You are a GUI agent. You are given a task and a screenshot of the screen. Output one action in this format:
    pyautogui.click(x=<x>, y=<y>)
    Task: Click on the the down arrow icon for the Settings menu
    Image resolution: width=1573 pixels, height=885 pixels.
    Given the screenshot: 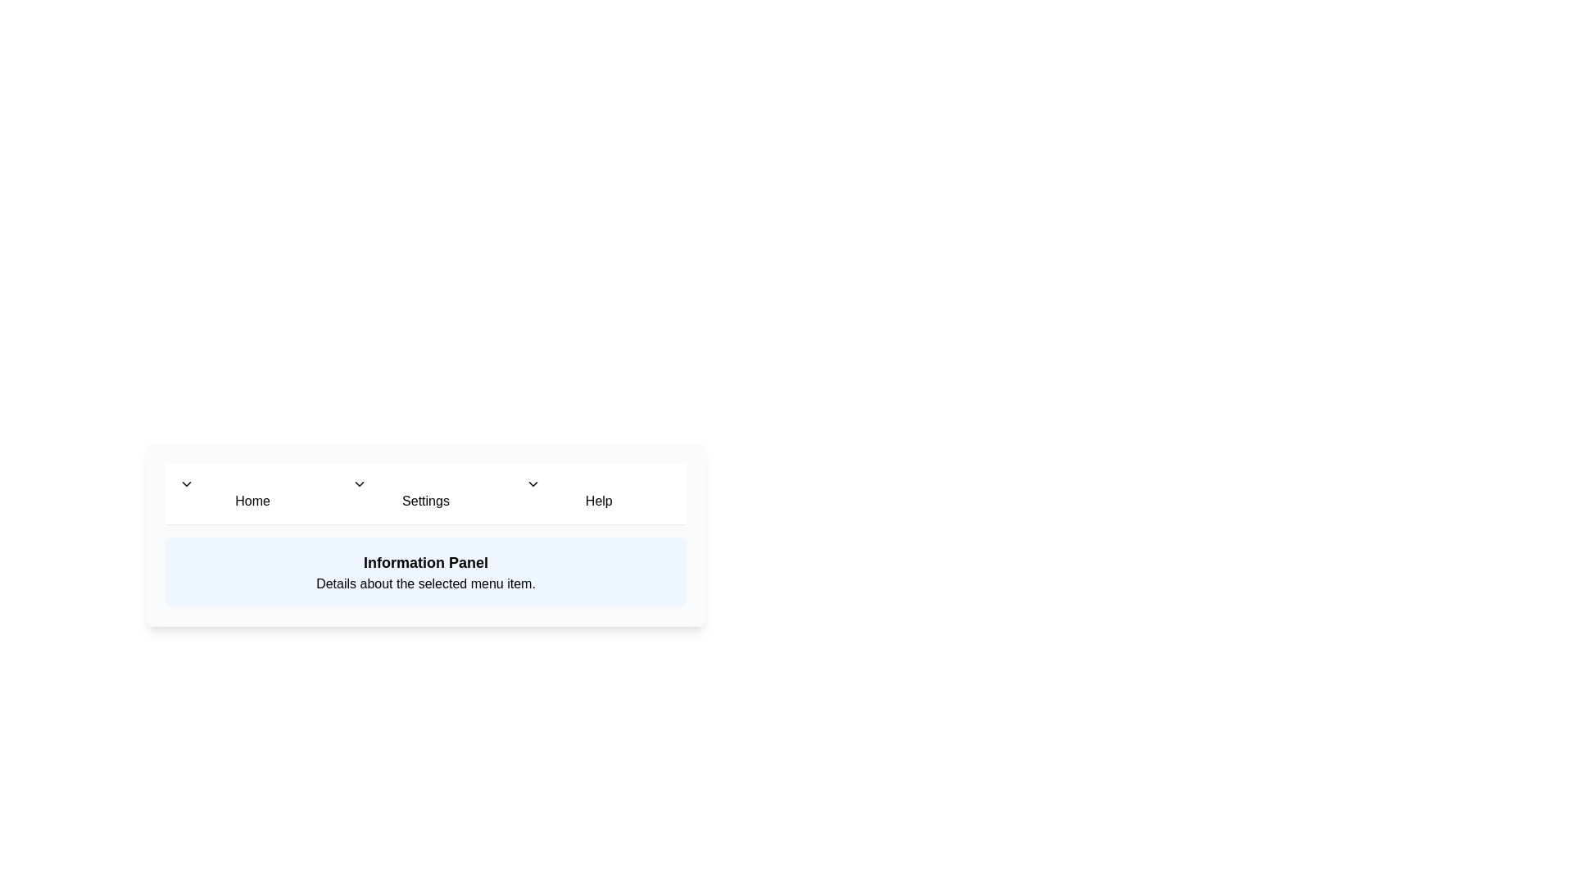 What is the action you would take?
    pyautogui.click(x=359, y=483)
    